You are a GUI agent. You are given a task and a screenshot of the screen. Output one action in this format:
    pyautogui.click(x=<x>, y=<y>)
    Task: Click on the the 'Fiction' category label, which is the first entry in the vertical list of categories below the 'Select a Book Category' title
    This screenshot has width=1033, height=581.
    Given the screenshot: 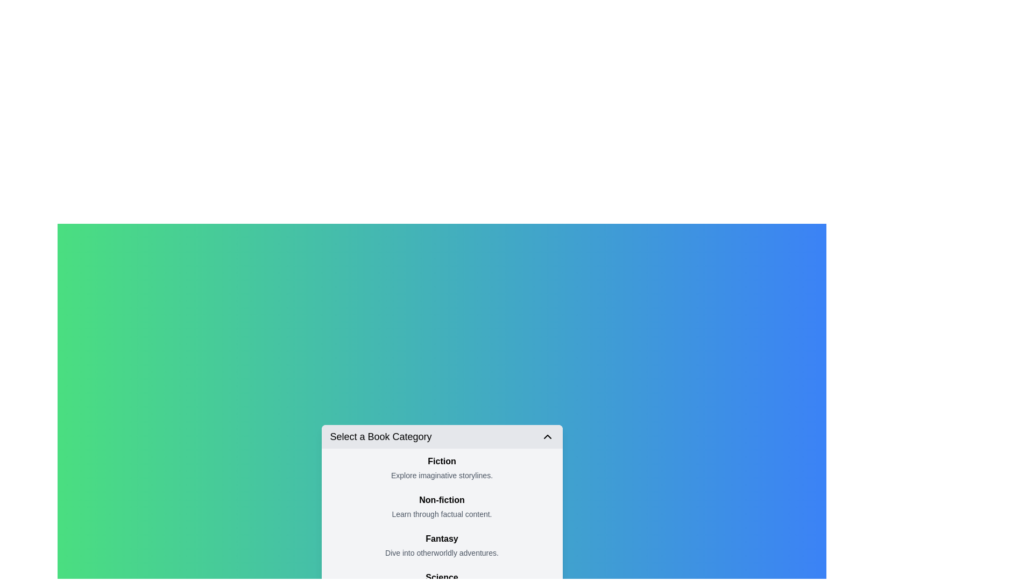 What is the action you would take?
    pyautogui.click(x=442, y=460)
    